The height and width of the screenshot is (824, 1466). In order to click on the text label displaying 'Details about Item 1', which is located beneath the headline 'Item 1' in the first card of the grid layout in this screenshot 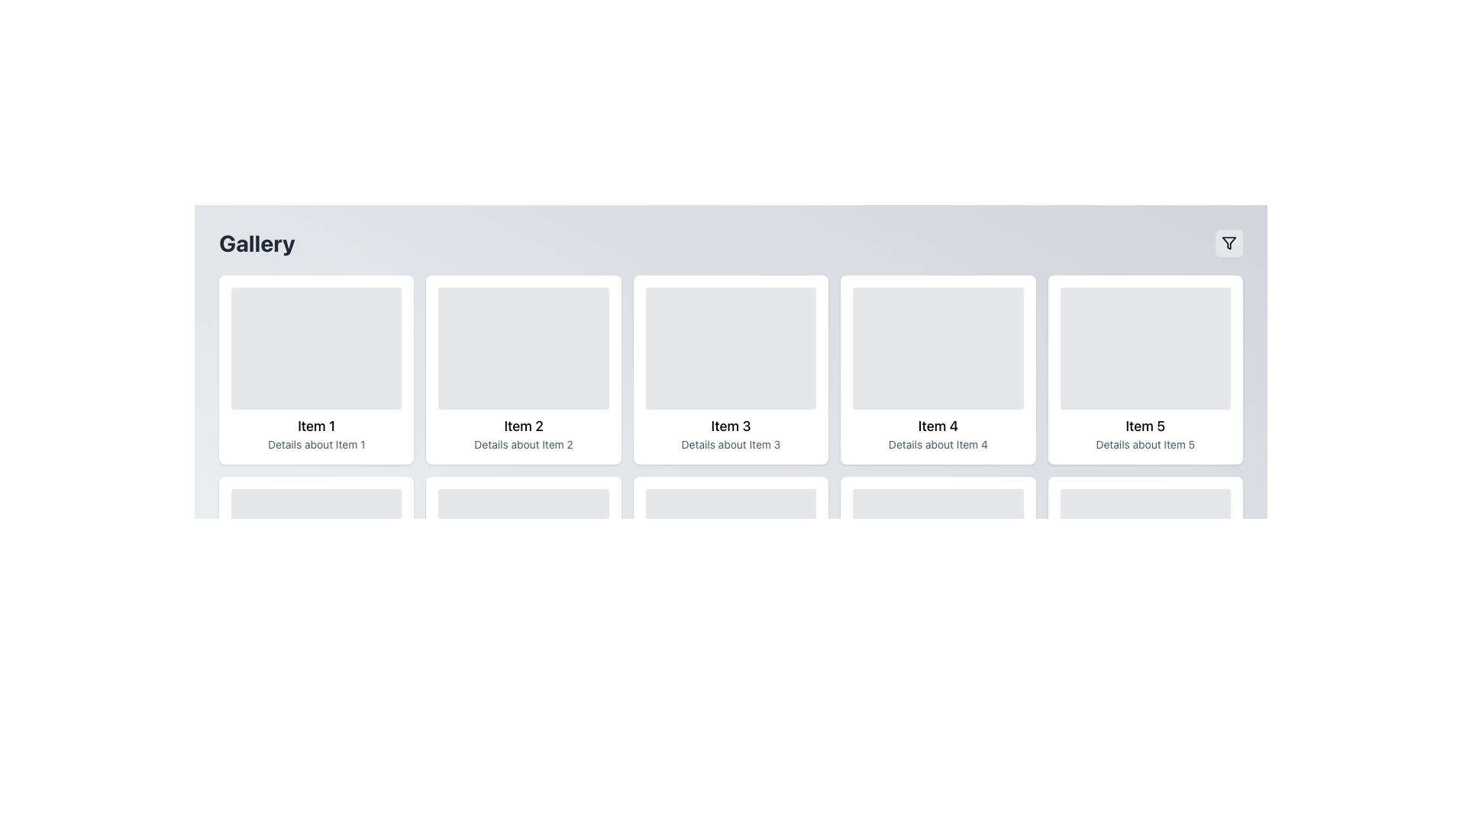, I will do `click(315, 444)`.